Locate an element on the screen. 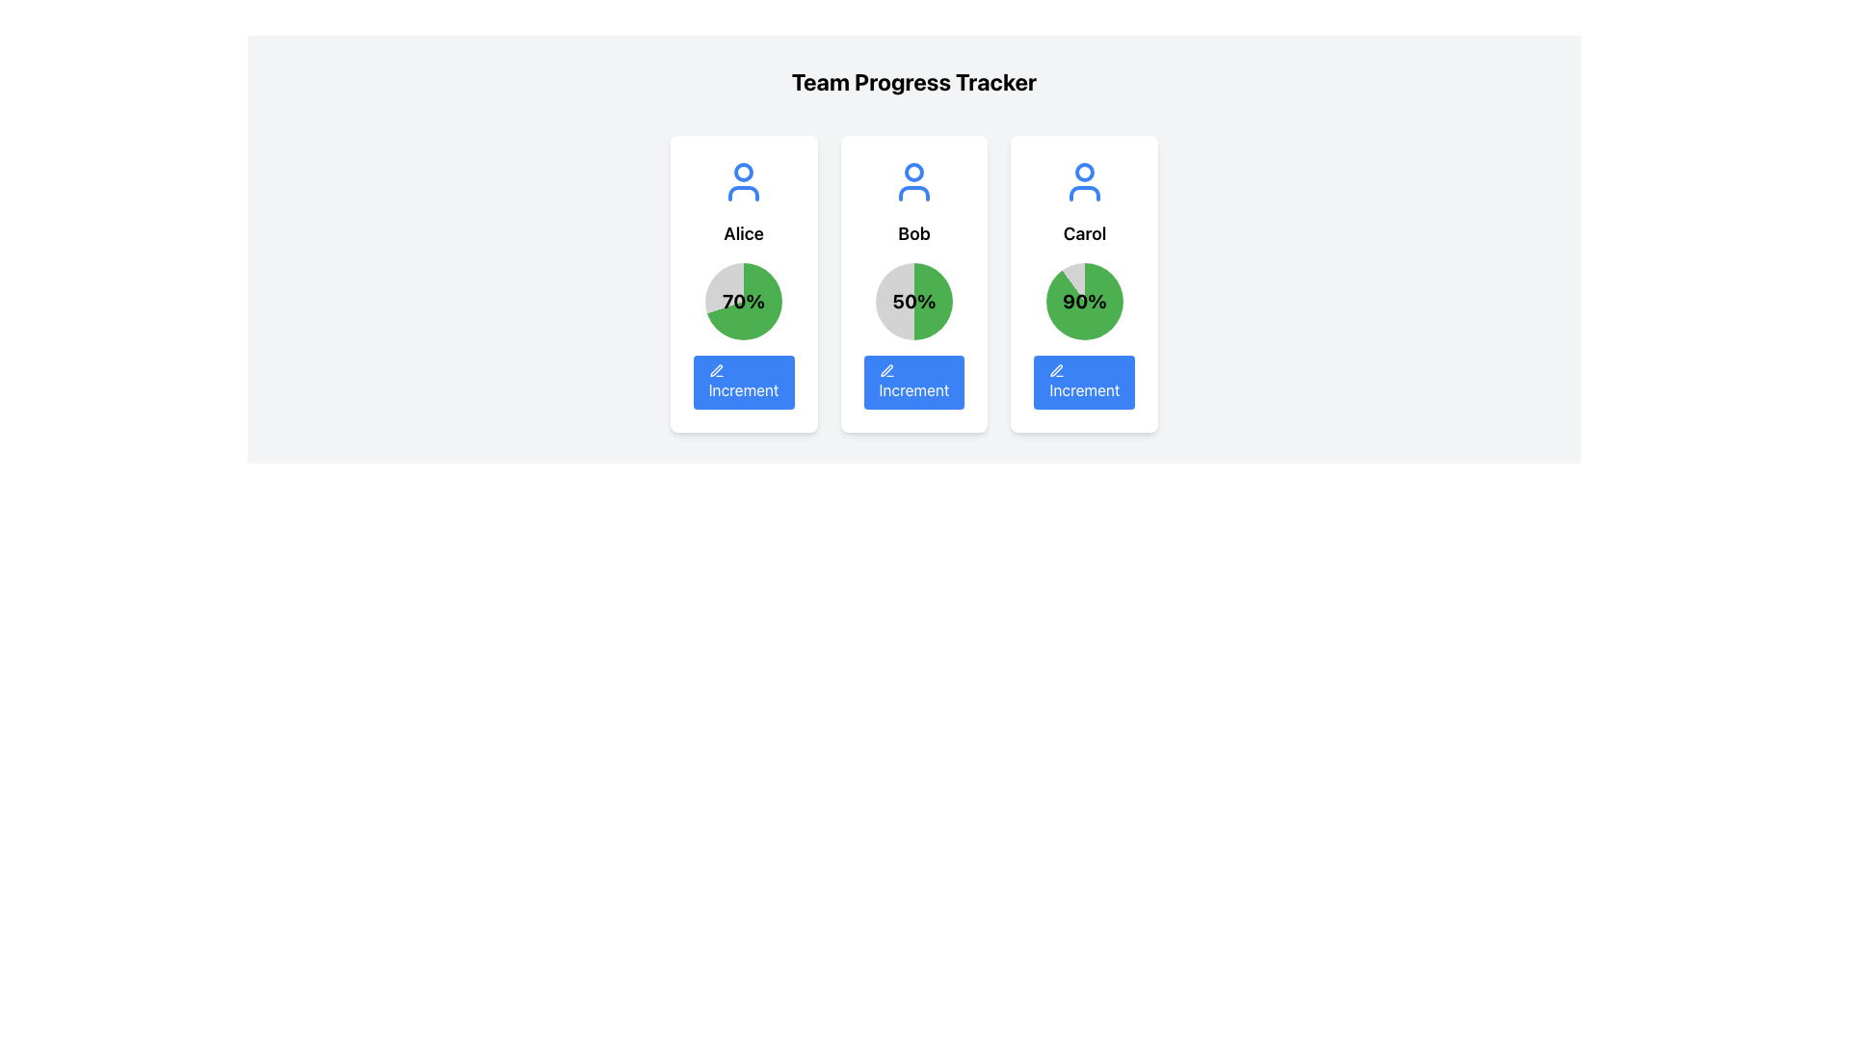 The width and height of the screenshot is (1850, 1041). the editing icon located in the leftmost card labeled 'Alice', positioned below the circular progress indicator and beside the 'Increment' button, to initiate an editing action is located at coordinates (715, 370).